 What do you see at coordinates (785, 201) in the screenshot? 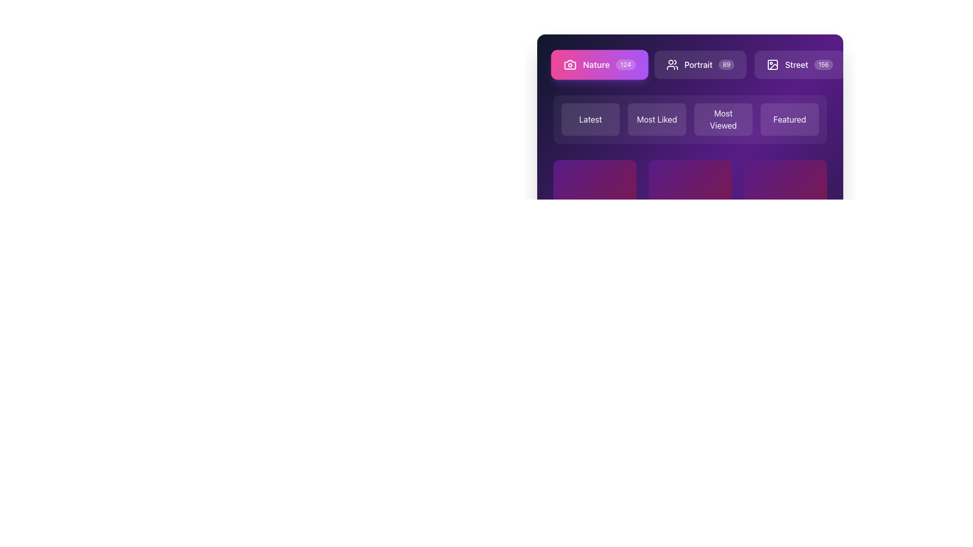
I see `the decorative box element located in the bottom right part of the grid layout, which serves as a placeholder or structural piece` at bounding box center [785, 201].